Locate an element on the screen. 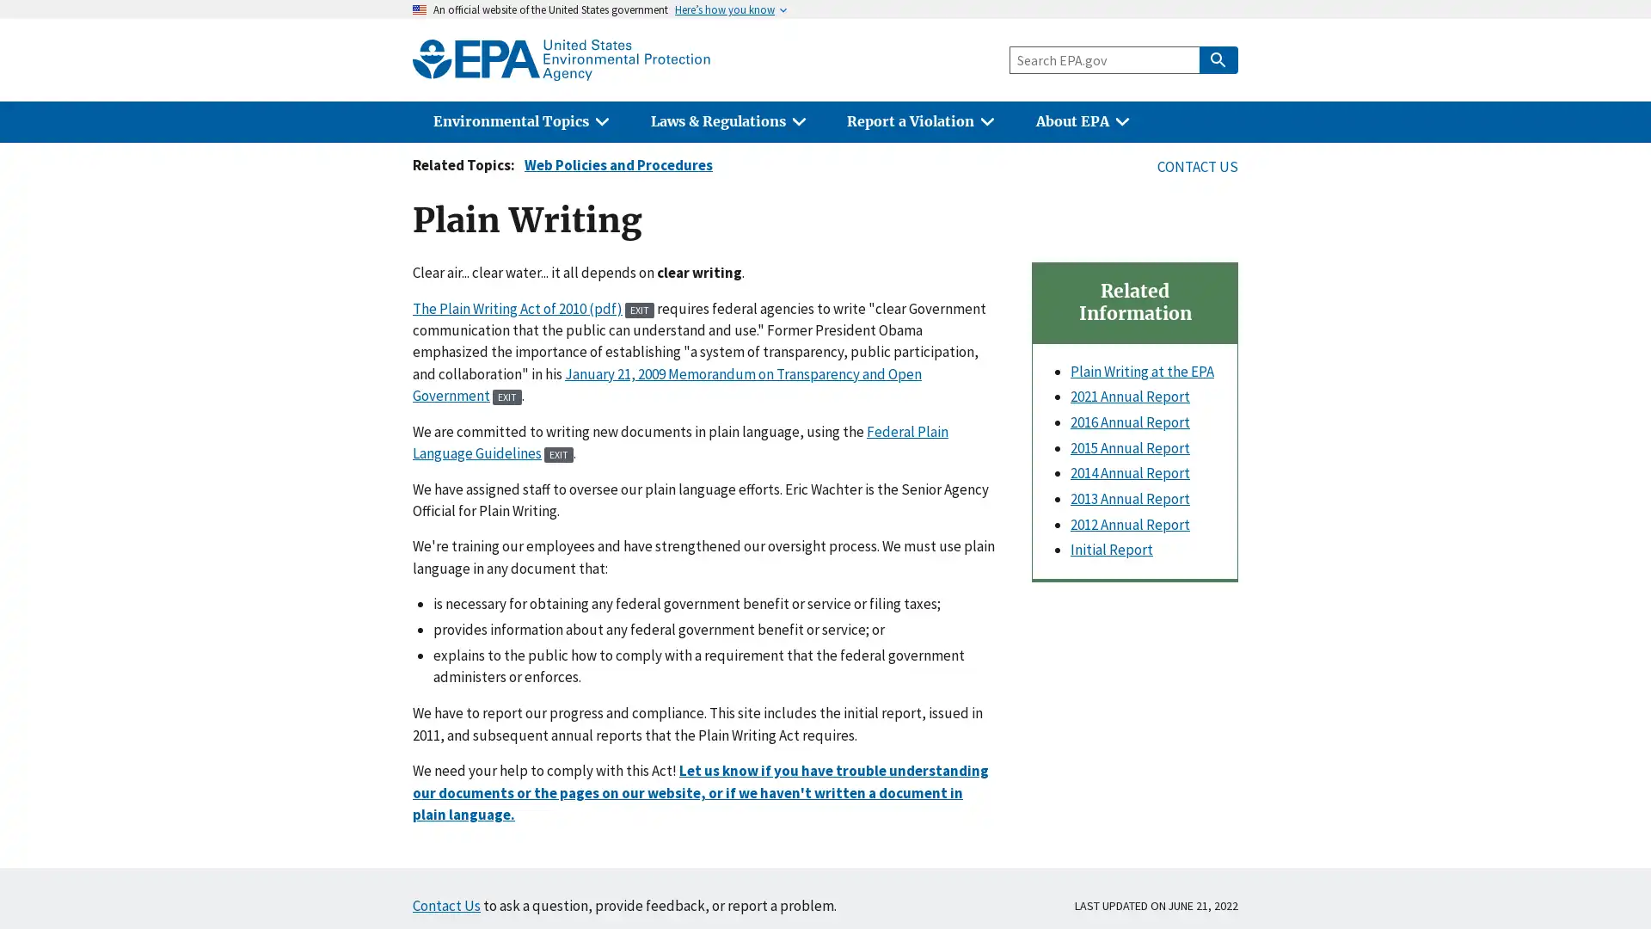 The height and width of the screenshot is (929, 1651). About EPA is located at coordinates (1081, 121).